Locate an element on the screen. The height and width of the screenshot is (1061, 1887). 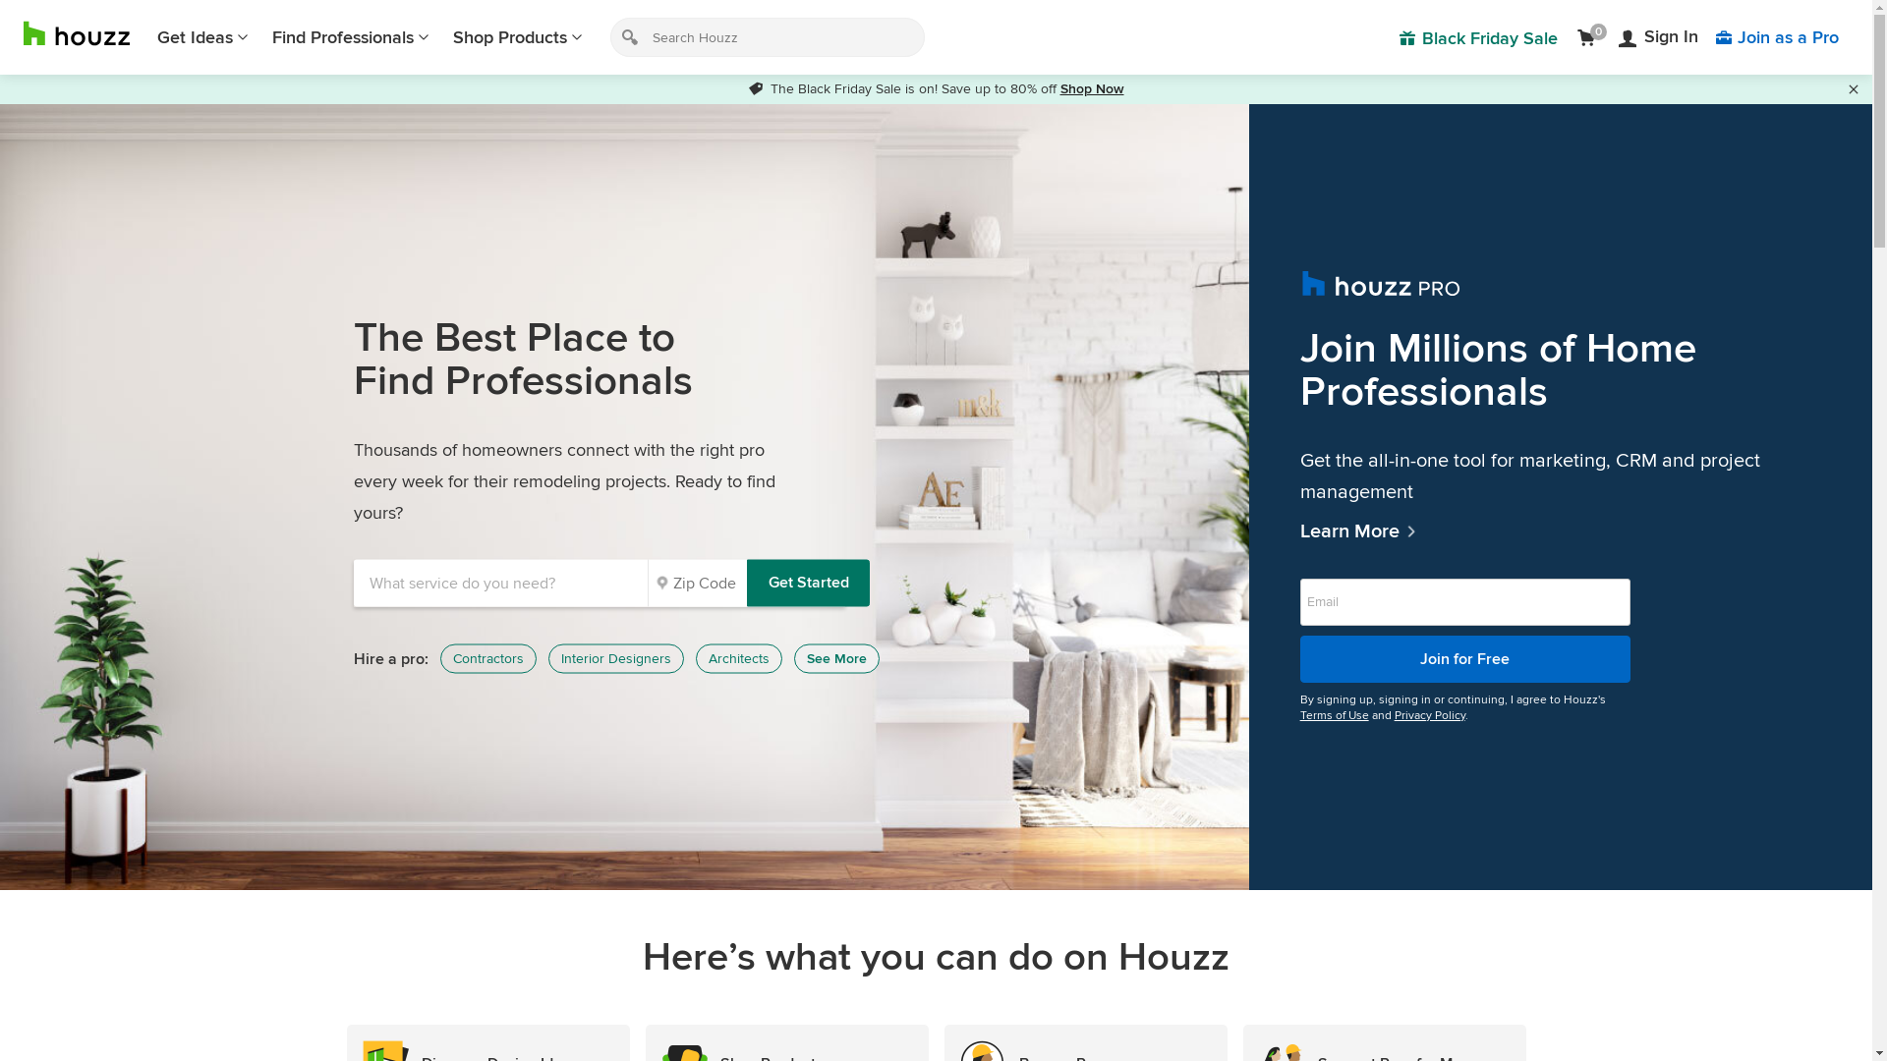
'Privacy Policy' is located at coordinates (1429, 714).